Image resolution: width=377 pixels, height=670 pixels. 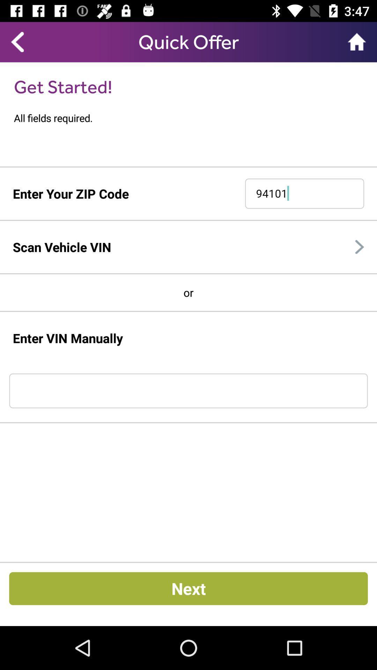 What do you see at coordinates (188, 292) in the screenshot?
I see `or item` at bounding box center [188, 292].